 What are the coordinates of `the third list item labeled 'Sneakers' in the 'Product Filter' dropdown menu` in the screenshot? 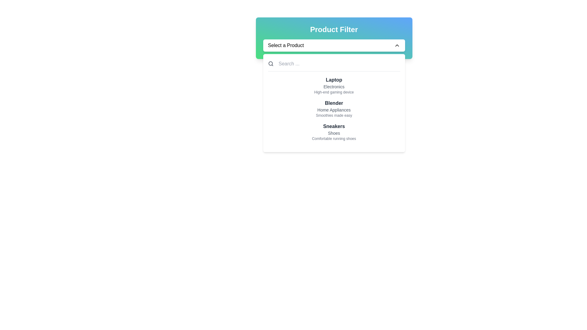 It's located at (334, 132).